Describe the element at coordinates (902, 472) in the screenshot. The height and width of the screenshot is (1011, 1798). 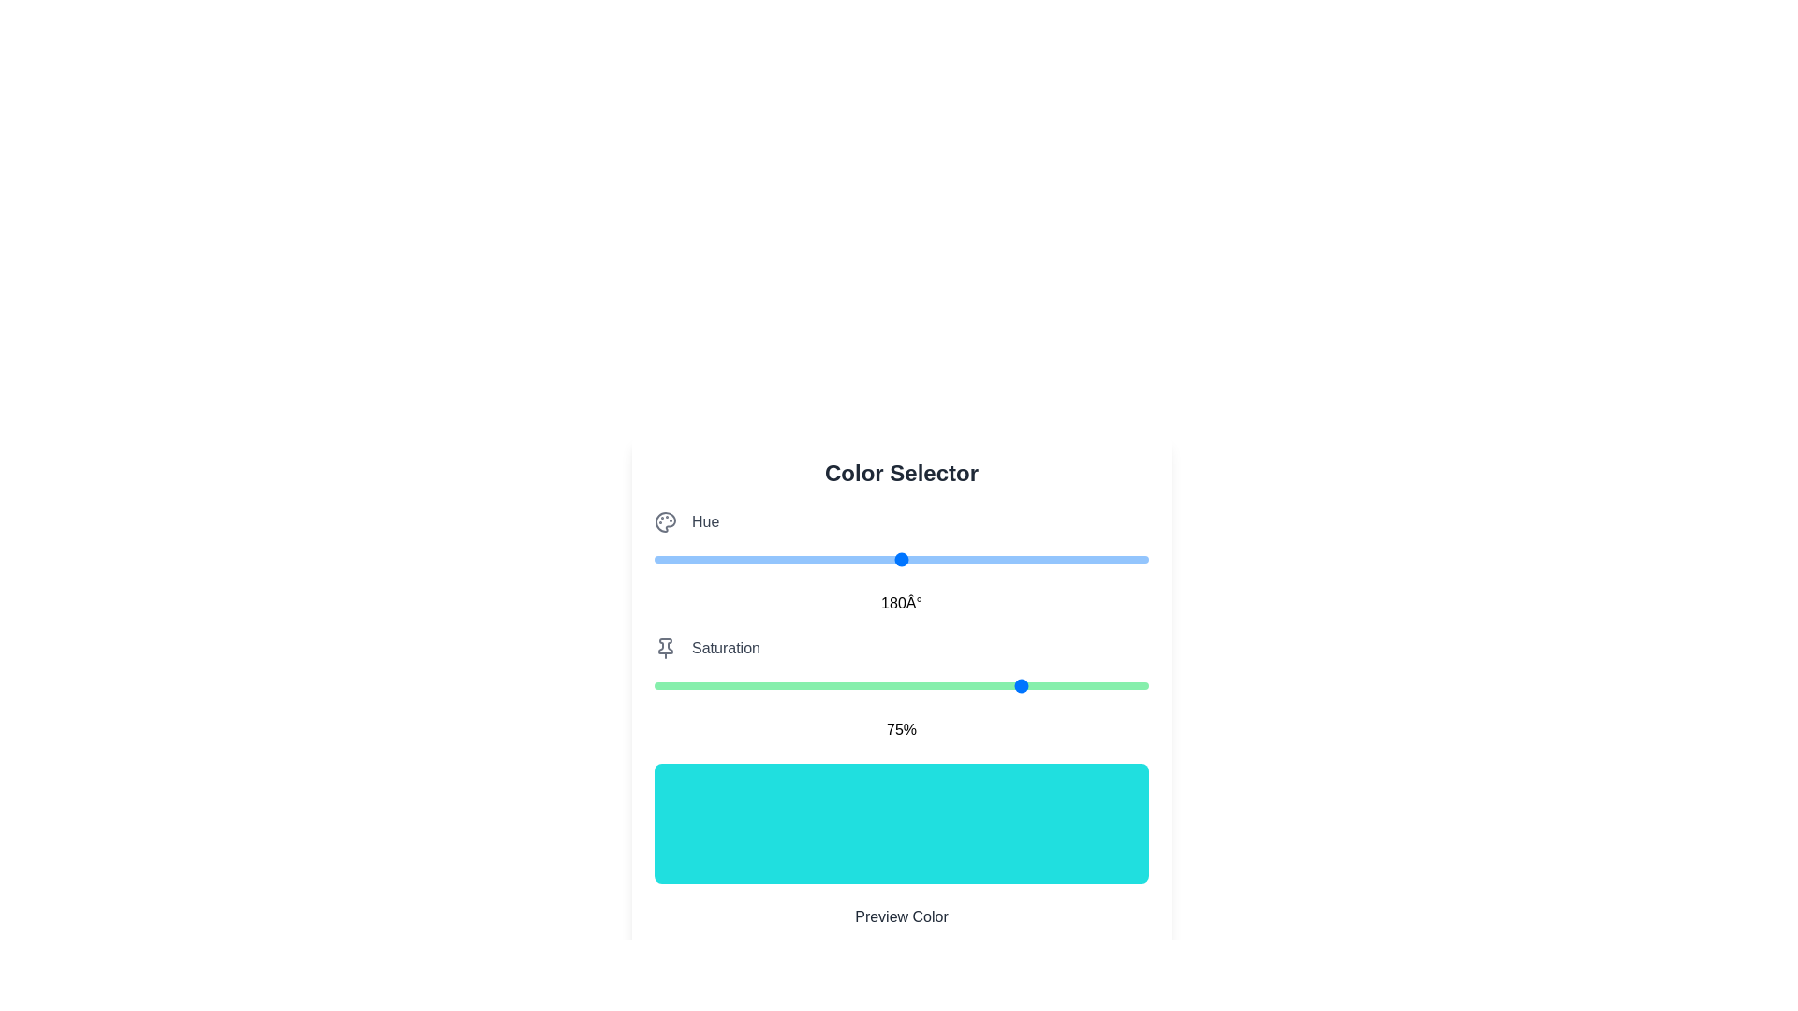
I see `the heading labeled 'Color Selector', which is styled with bold and large font size, colored dark gray, and centered at the top of the card layout` at that location.